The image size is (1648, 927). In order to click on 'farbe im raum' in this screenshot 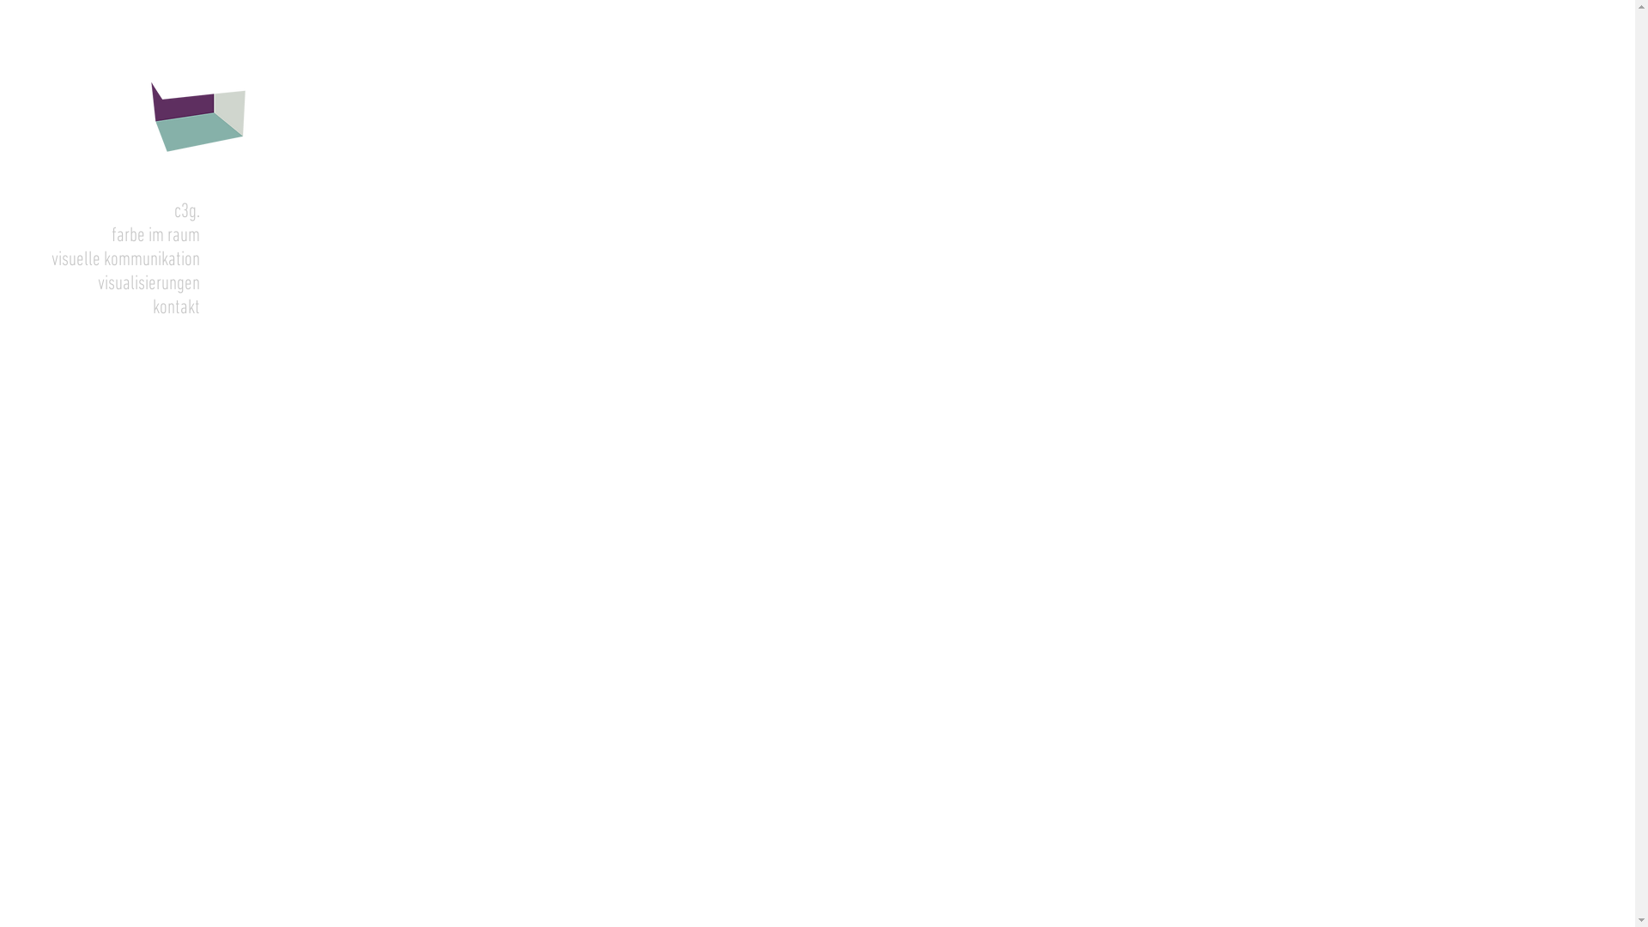, I will do `click(99, 235)`.